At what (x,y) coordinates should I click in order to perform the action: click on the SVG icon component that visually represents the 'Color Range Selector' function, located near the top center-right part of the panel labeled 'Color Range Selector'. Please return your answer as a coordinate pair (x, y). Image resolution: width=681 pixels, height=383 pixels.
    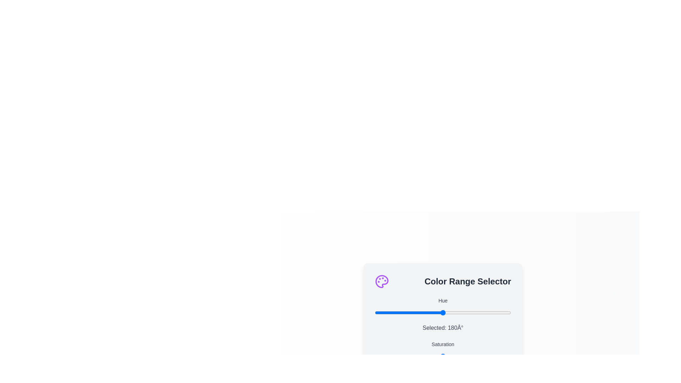
    Looking at the image, I should click on (381, 281).